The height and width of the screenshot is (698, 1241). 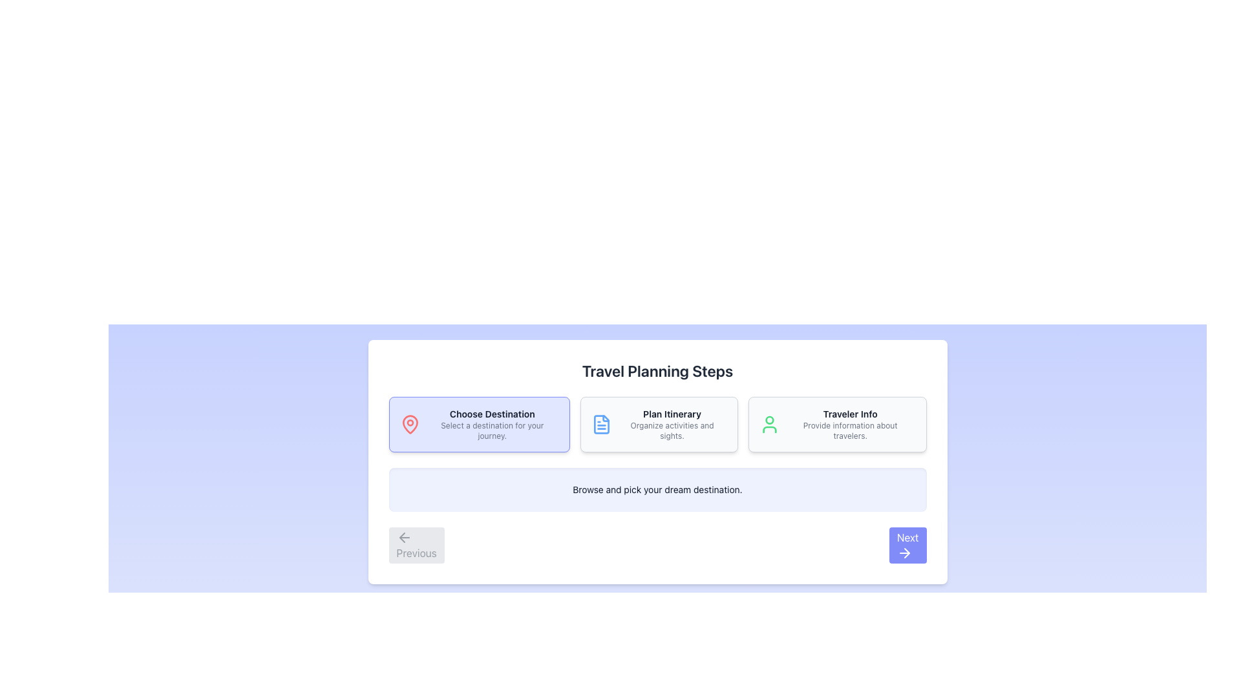 What do you see at coordinates (769, 424) in the screenshot?
I see `the green circular user silhouette icon located at the top left of the 'Traveler Info' card` at bounding box center [769, 424].